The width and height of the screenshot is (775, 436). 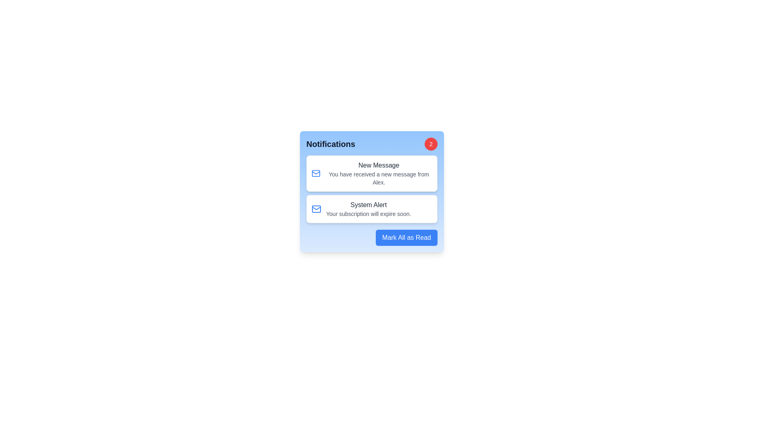 What do you see at coordinates (316, 208) in the screenshot?
I see `the triangular line pattern resembling an envelope's flap within the mail icon in the notification section` at bounding box center [316, 208].